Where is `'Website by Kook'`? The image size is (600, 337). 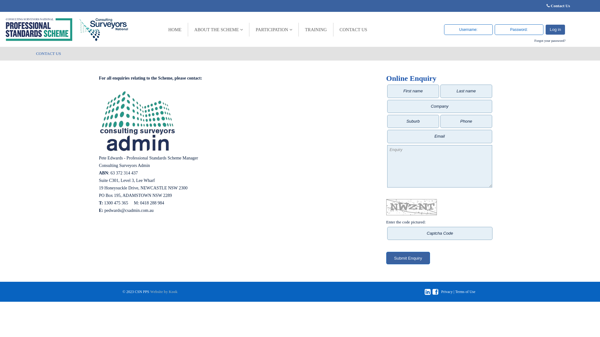
'Website by Kook' is located at coordinates (164, 291).